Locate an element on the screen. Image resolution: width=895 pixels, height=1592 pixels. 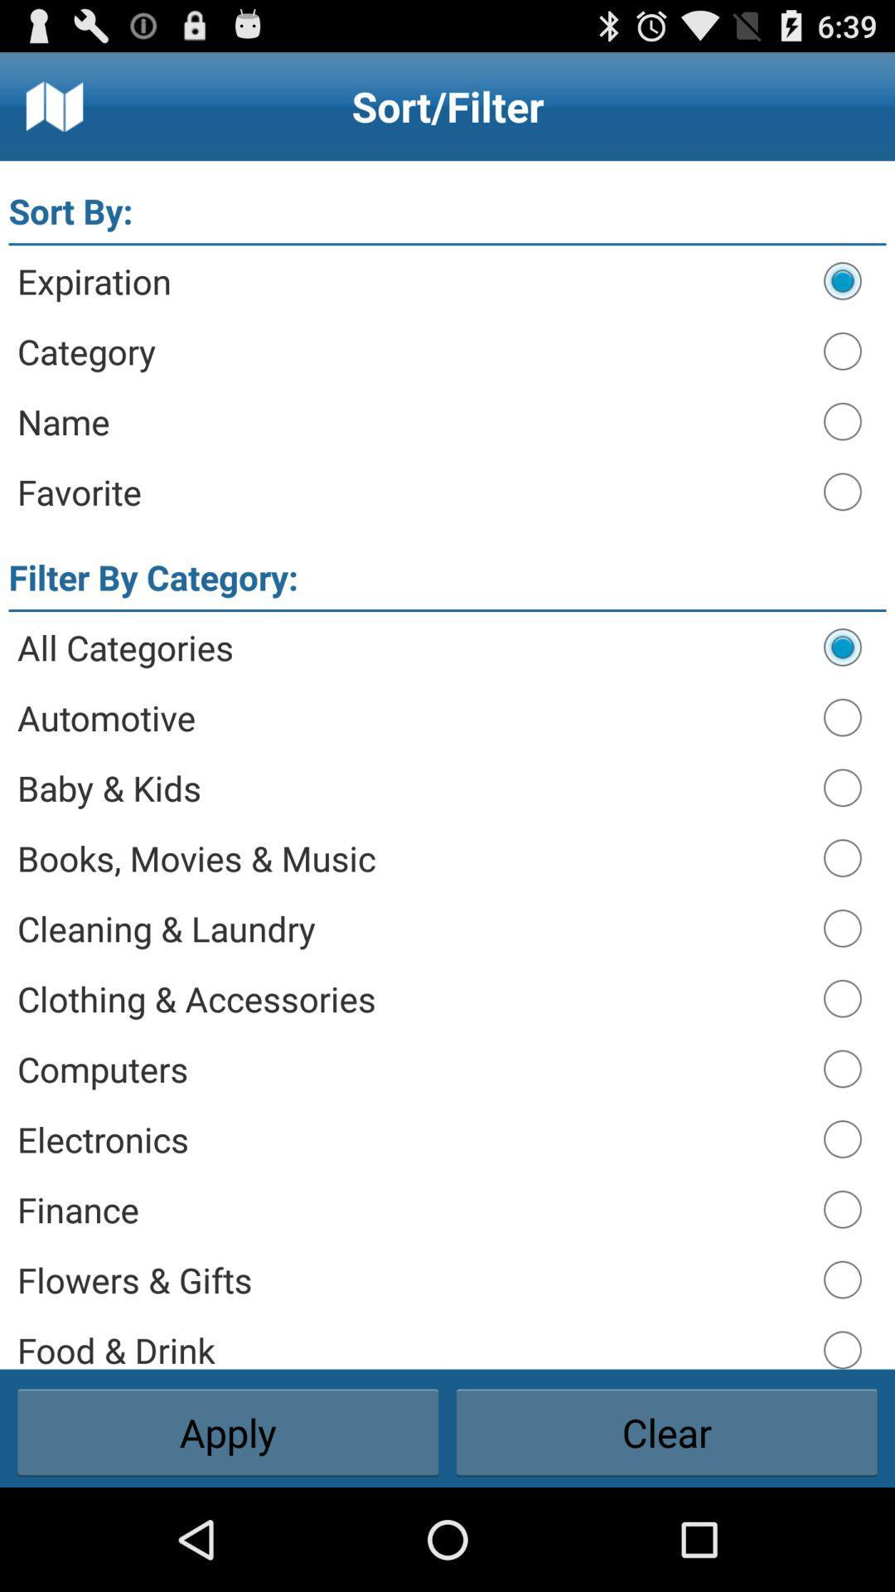
the baby & kids app is located at coordinates (411, 787).